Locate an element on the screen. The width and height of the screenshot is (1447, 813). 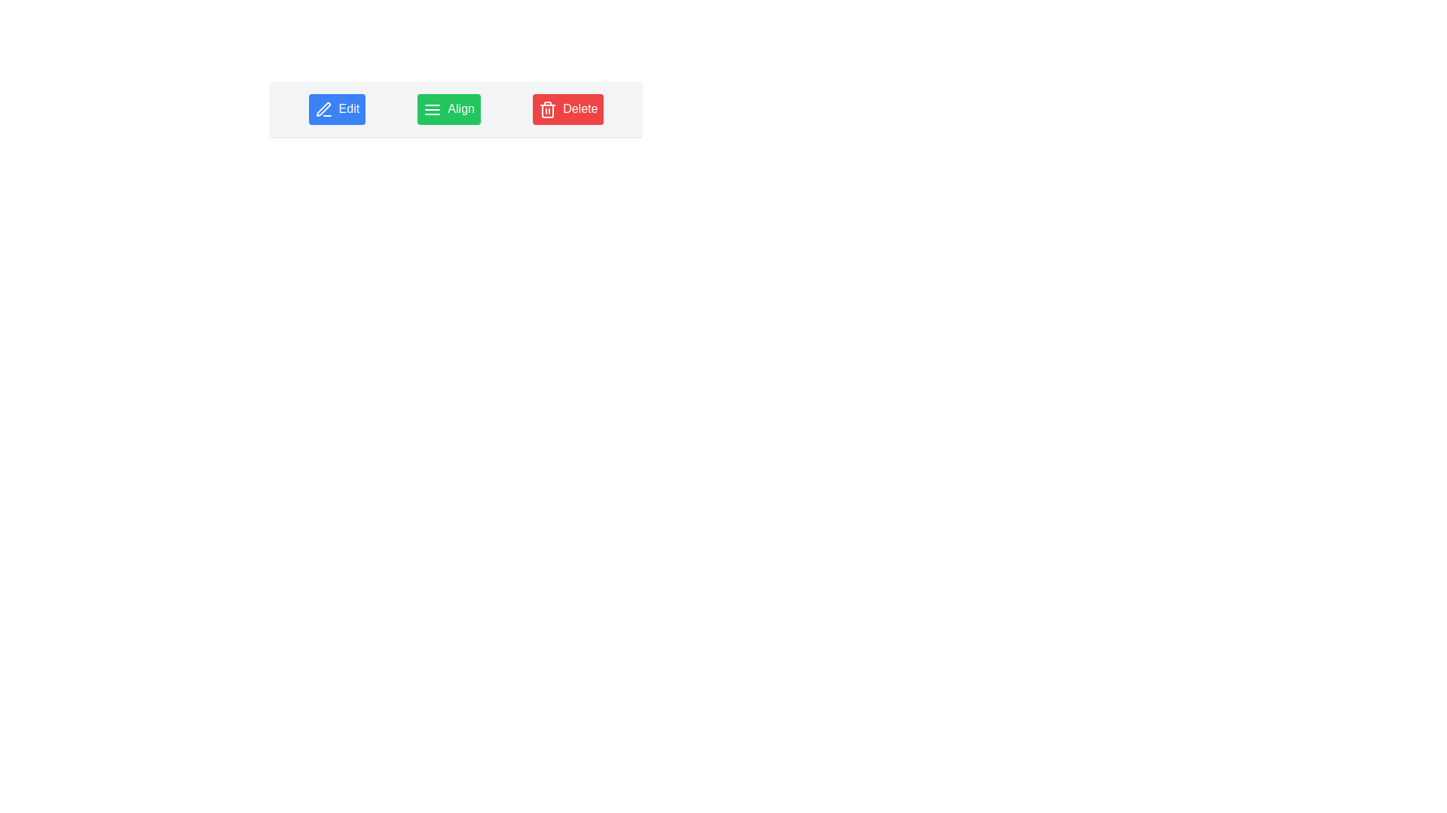
the deletion icon located to the left of the red 'Delete' button, which is the third item in a row of similar buttons is located at coordinates (547, 108).